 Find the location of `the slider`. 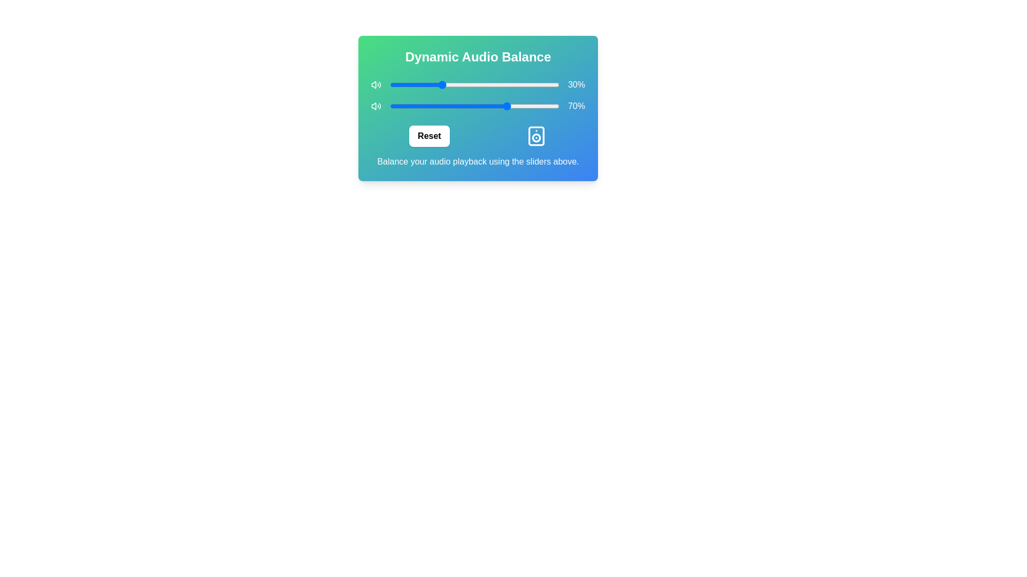

the slider is located at coordinates (515, 84).